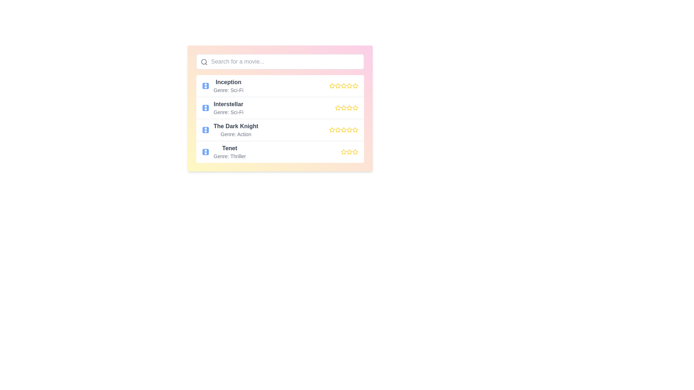 This screenshot has width=694, height=390. Describe the element at coordinates (349, 129) in the screenshot. I see `the third star icon in the rating input system for 'The Dark Knight'` at that location.